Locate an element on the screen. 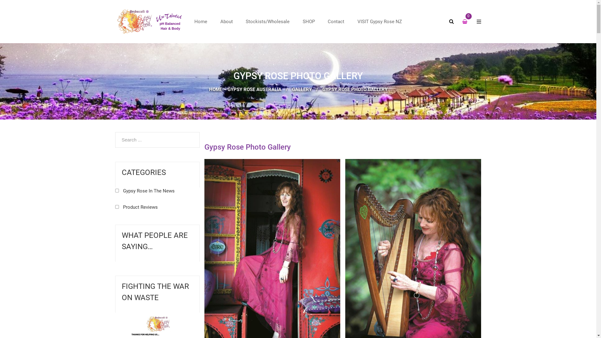 This screenshot has height=338, width=601. 'Gypsy Rose' is located at coordinates (115, 21).